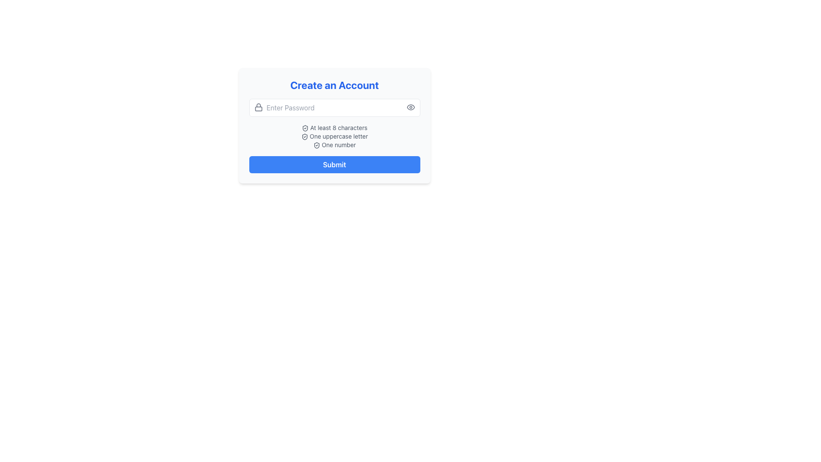 The height and width of the screenshot is (462, 821). I want to click on the text description list that displays password criteria for account creation, located below the password input field and above the 'Submit' button, so click(334, 136).